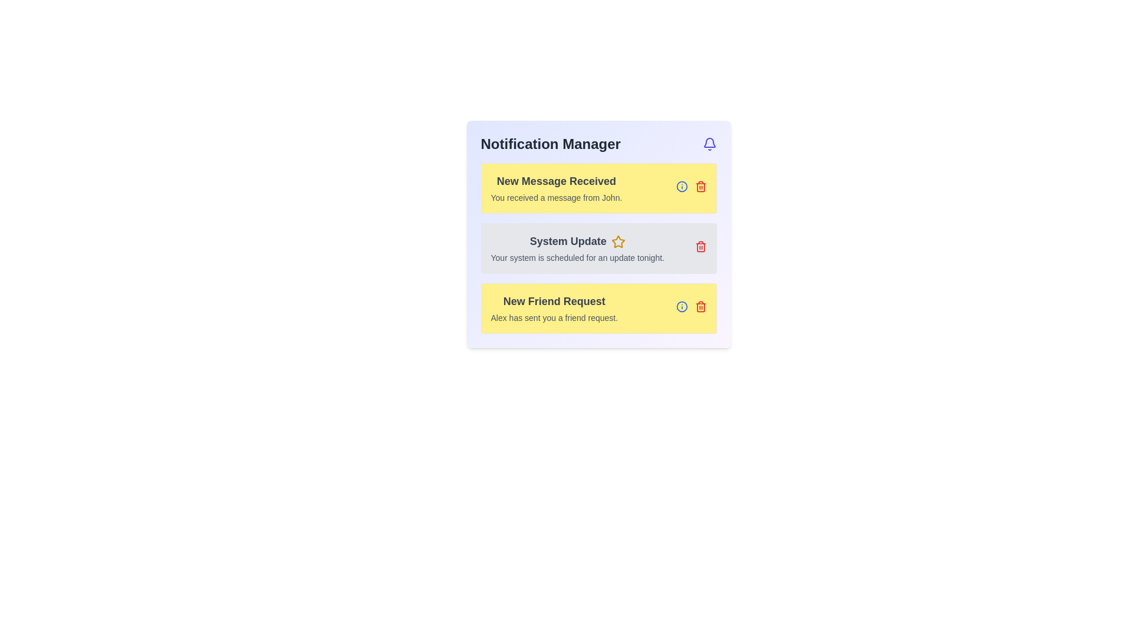 The height and width of the screenshot is (636, 1132). Describe the element at coordinates (700, 247) in the screenshot. I see `the delete action button located at the right end of the 'System Update' notification card` at that location.